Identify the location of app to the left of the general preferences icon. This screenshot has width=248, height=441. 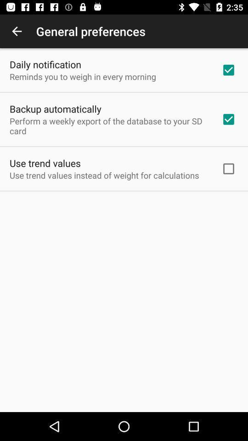
(17, 31).